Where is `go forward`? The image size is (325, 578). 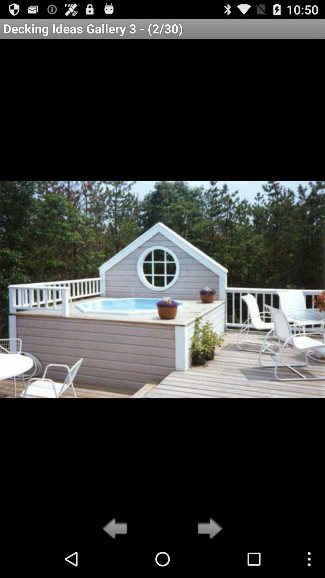 go forward is located at coordinates (208, 529).